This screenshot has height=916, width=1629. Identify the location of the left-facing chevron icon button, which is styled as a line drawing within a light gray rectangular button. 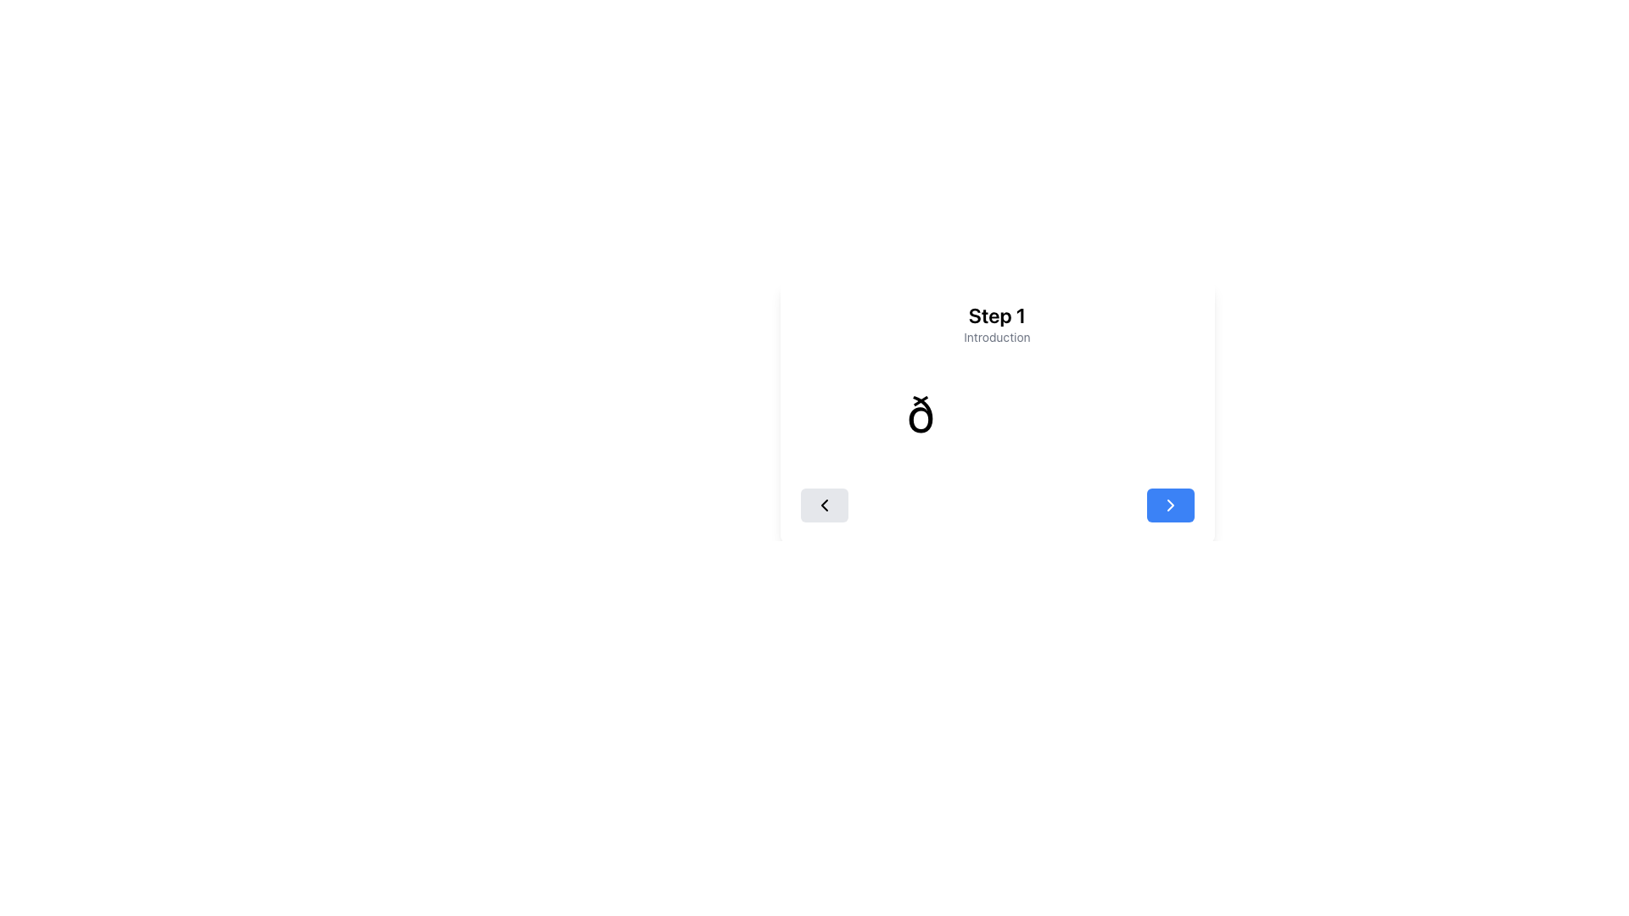
(824, 505).